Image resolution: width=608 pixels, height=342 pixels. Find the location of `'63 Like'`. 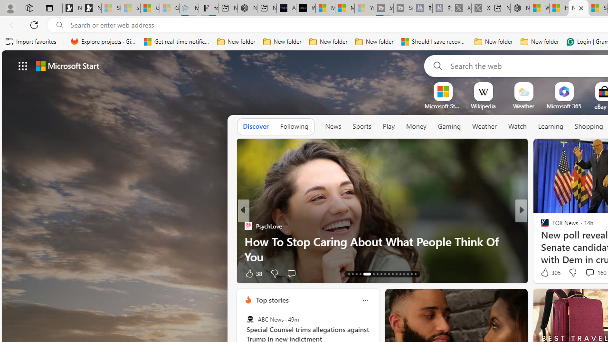

'63 Like' is located at coordinates (546, 273).